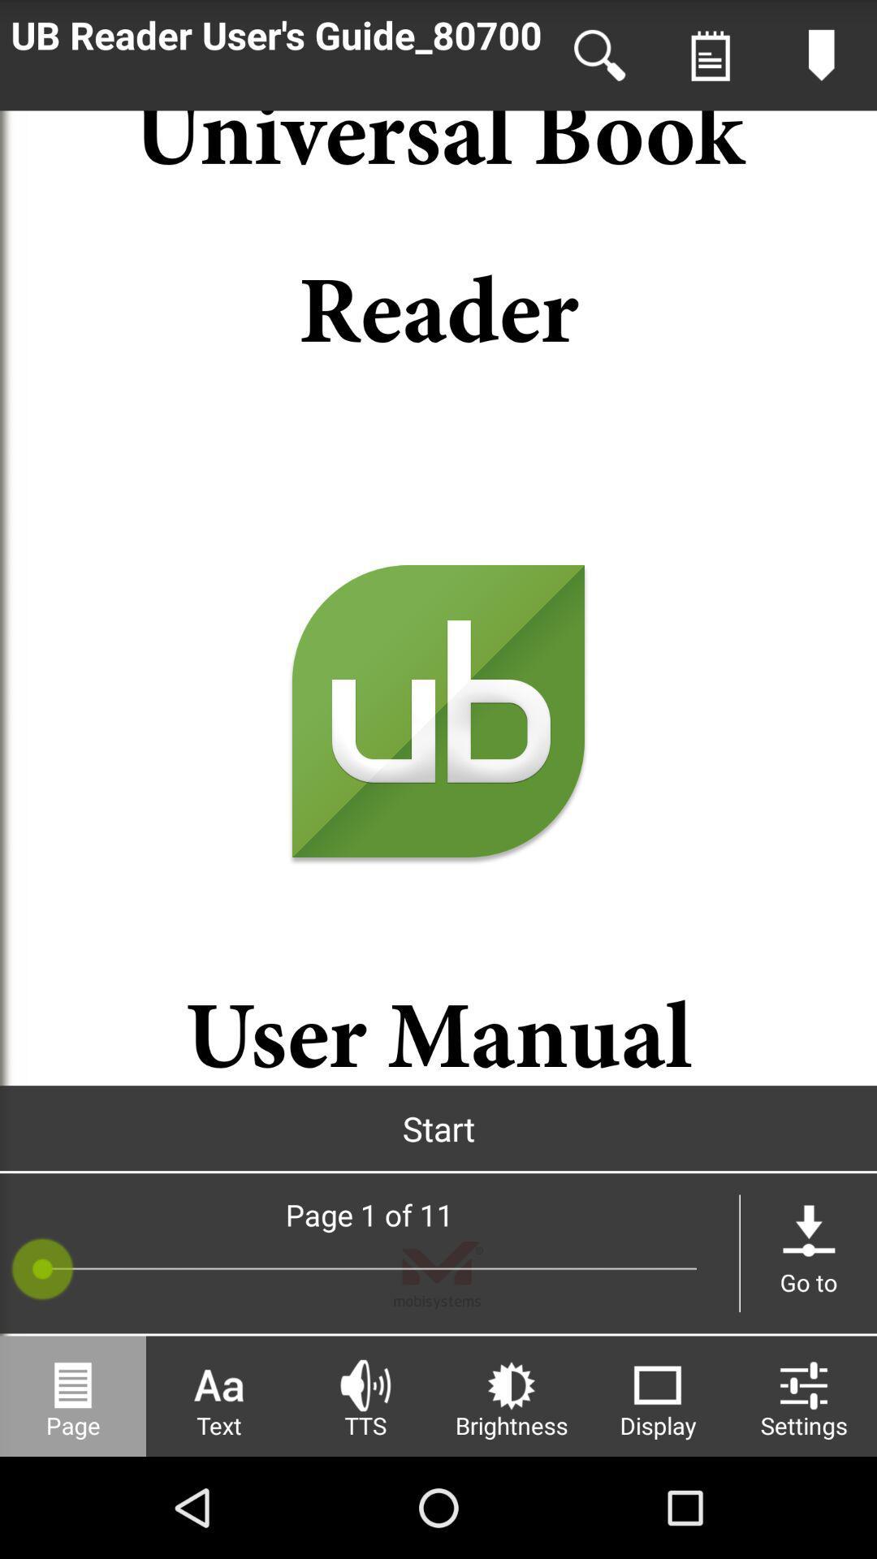 The height and width of the screenshot is (1559, 877). What do you see at coordinates (599, 58) in the screenshot?
I see `the search icon` at bounding box center [599, 58].